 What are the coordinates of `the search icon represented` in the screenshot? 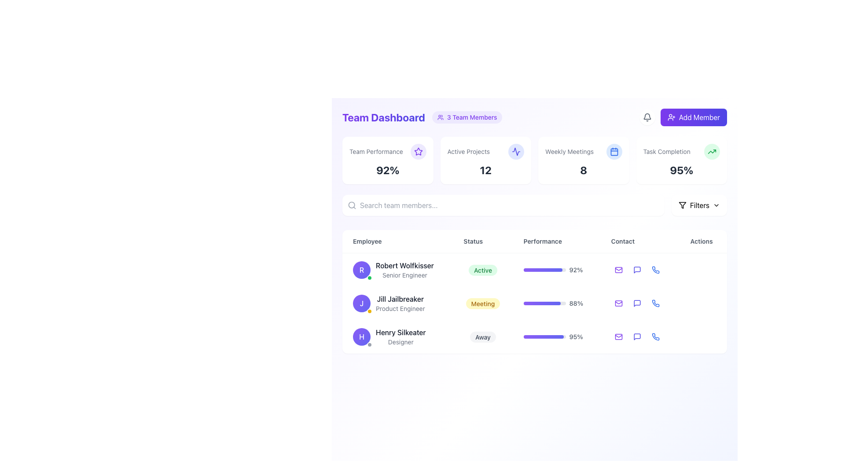 It's located at (351, 205).